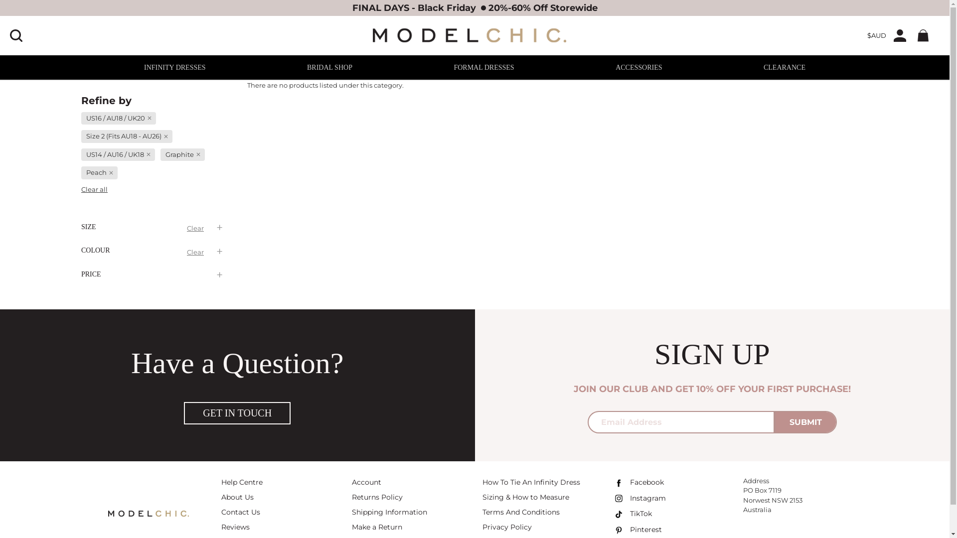  I want to click on 'Clear all', so click(94, 189).